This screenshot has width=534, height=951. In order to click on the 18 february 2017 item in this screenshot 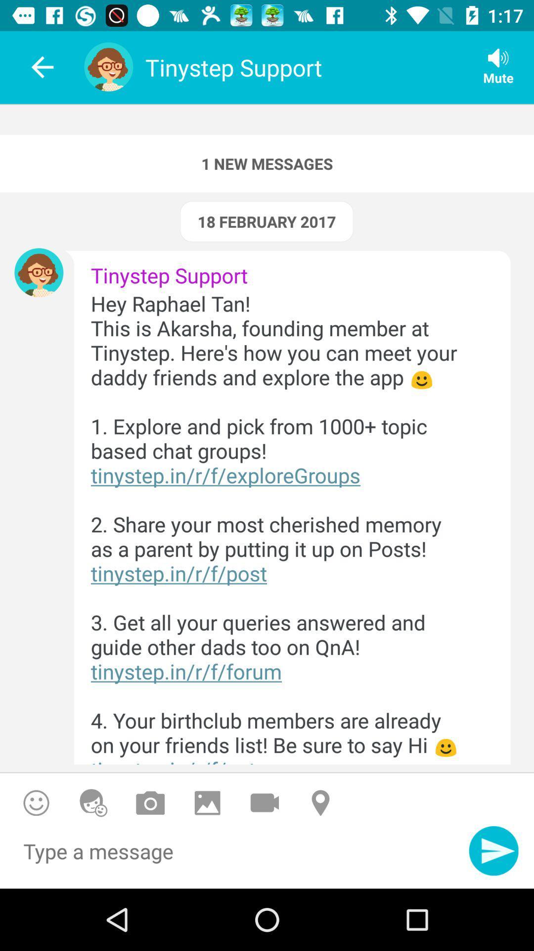, I will do `click(266, 221)`.